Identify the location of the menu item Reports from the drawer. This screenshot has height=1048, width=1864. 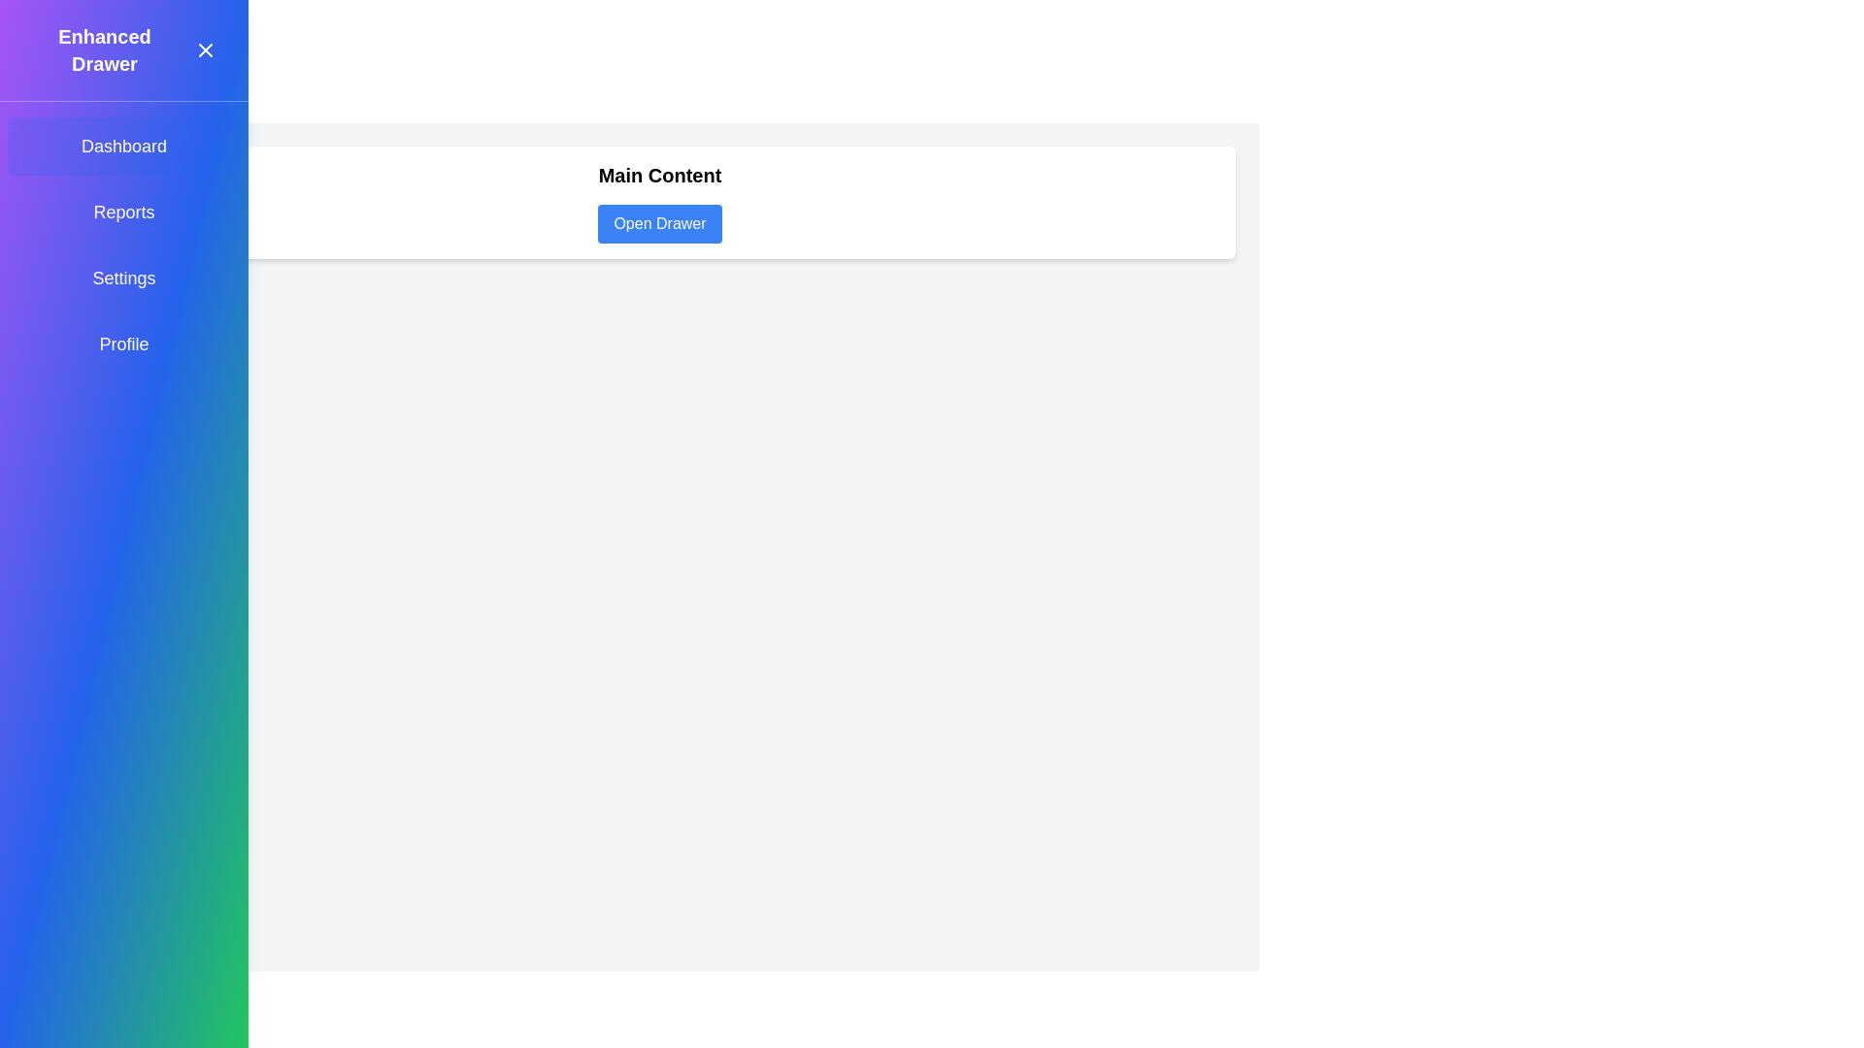
(123, 213).